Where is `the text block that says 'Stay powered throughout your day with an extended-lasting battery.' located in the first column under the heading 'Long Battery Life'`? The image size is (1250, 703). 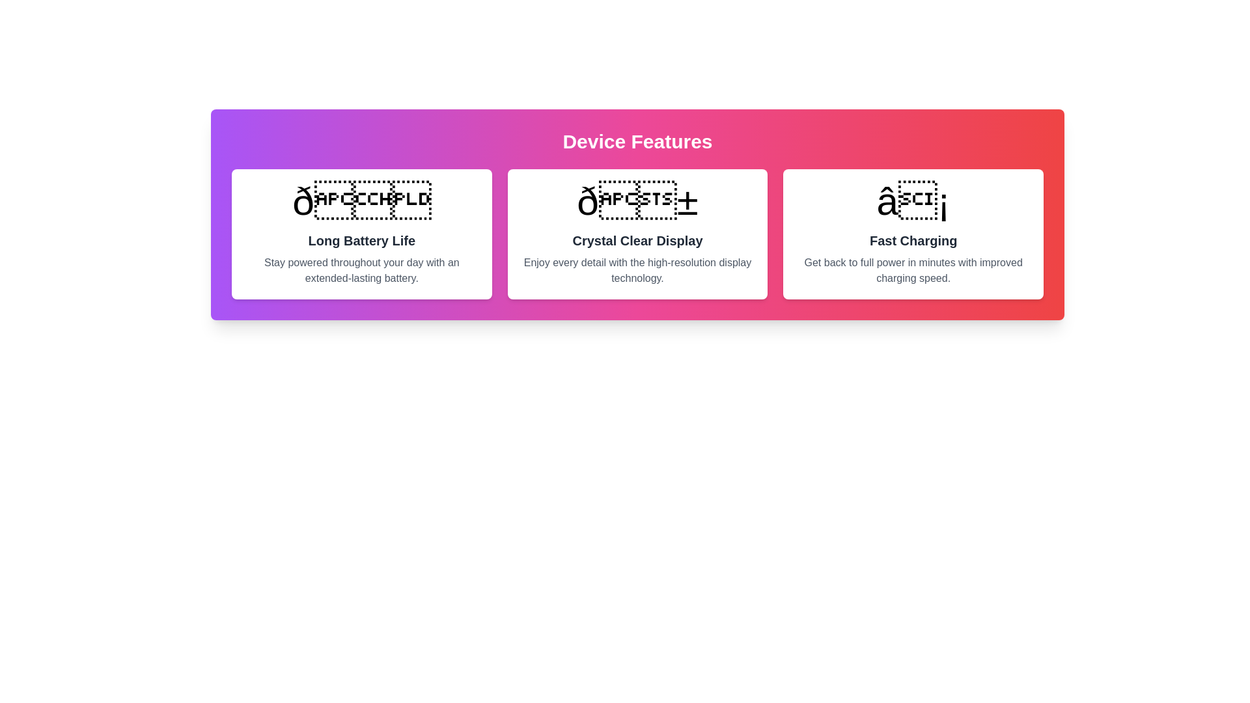
the text block that says 'Stay powered throughout your day with an extended-lasting battery.' located in the first column under the heading 'Long Battery Life' is located at coordinates (361, 270).